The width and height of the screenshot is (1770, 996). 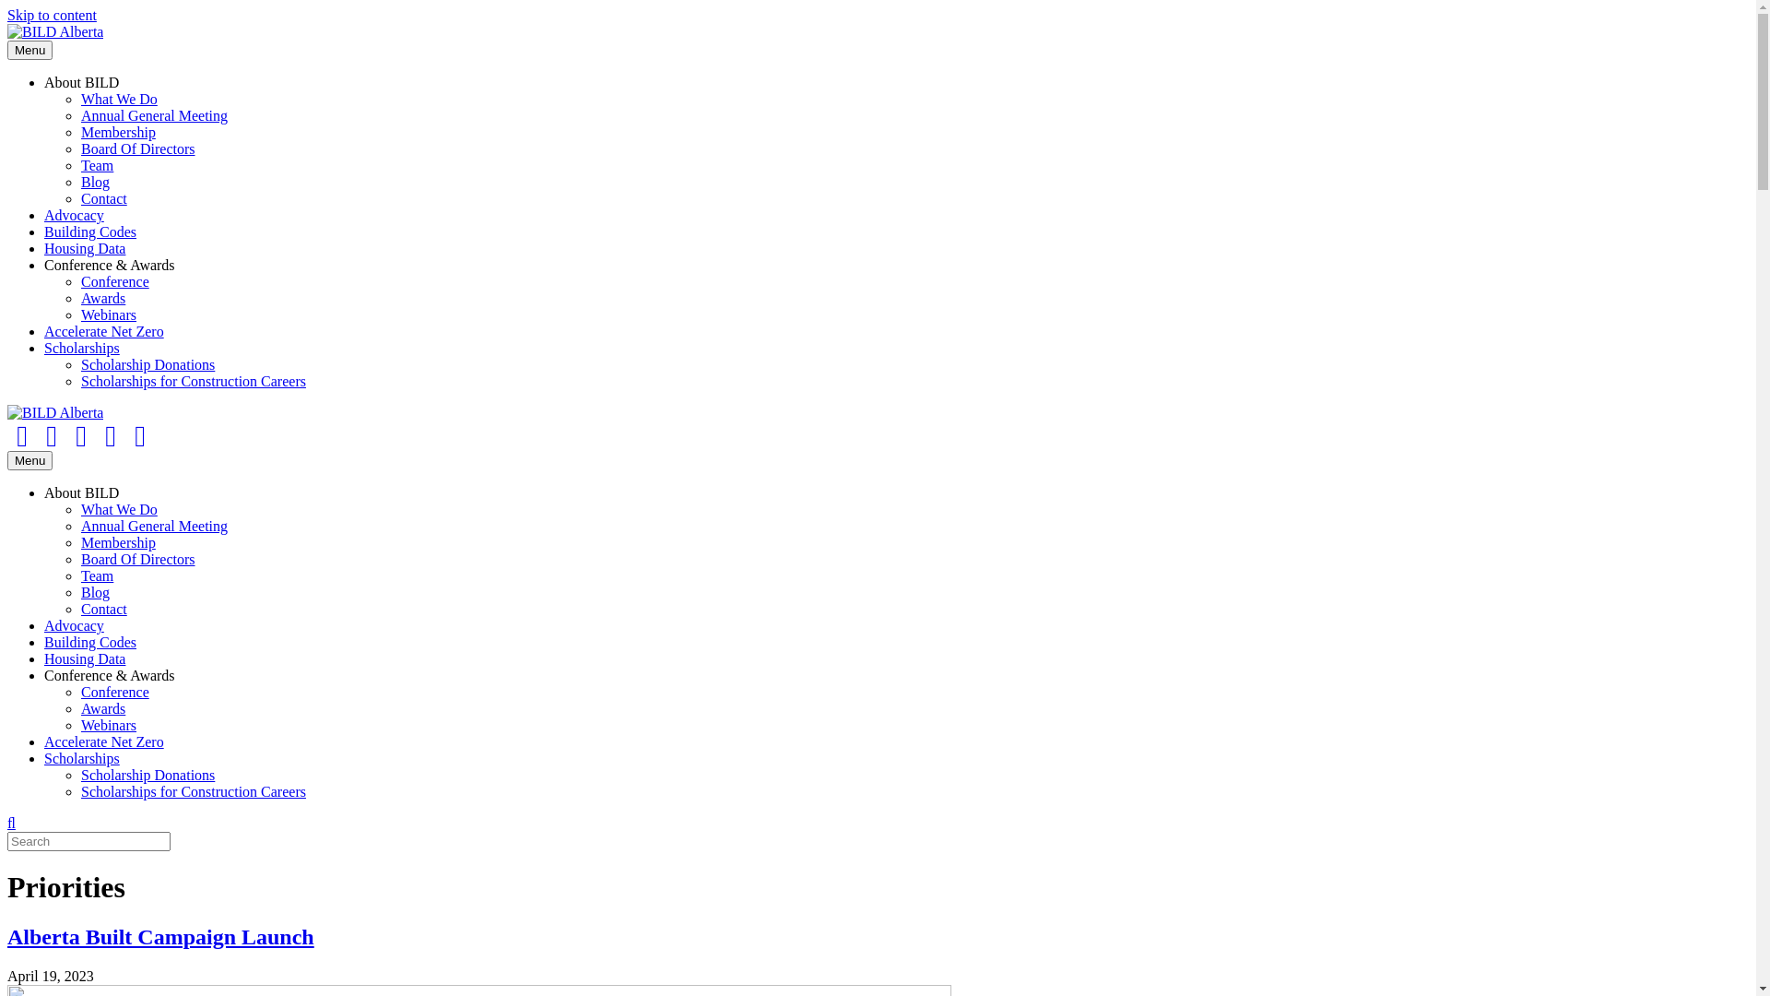 I want to click on 'Skip to content', so click(x=52, y=15).